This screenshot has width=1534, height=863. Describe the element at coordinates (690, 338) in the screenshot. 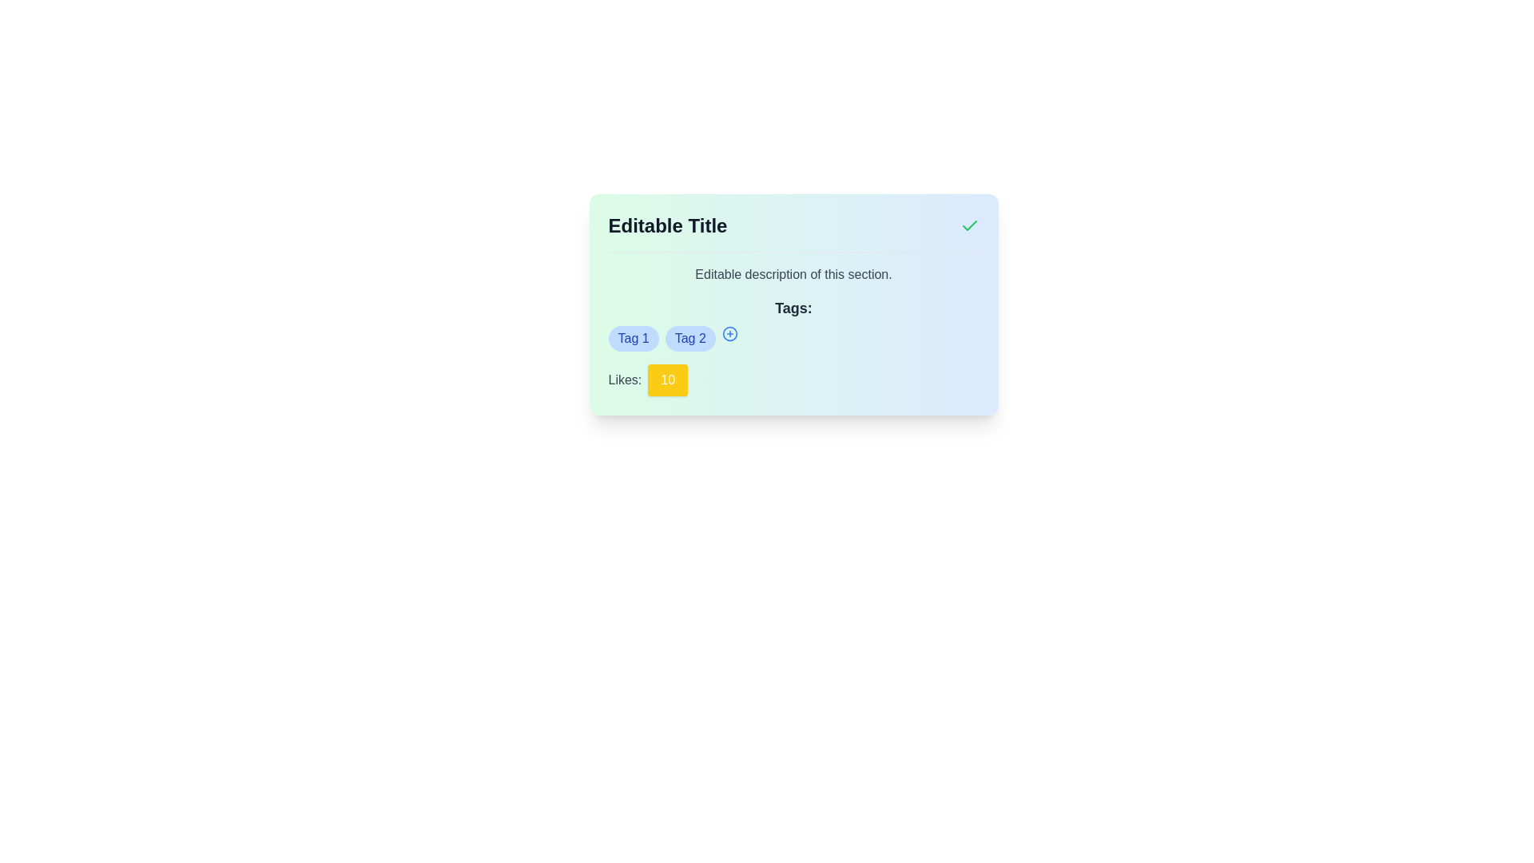

I see `the rounded tag label displaying 'Tag 2' with a light blue background and darker blue text to interact with it` at that location.